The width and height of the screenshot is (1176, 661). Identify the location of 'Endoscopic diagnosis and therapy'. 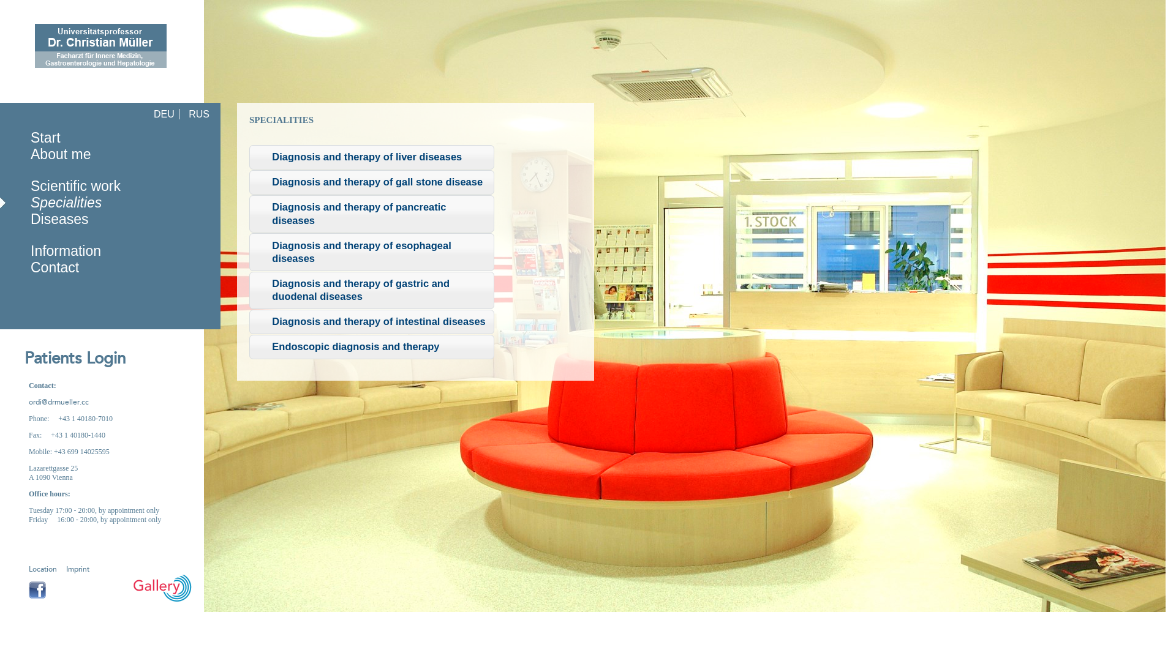
(371, 347).